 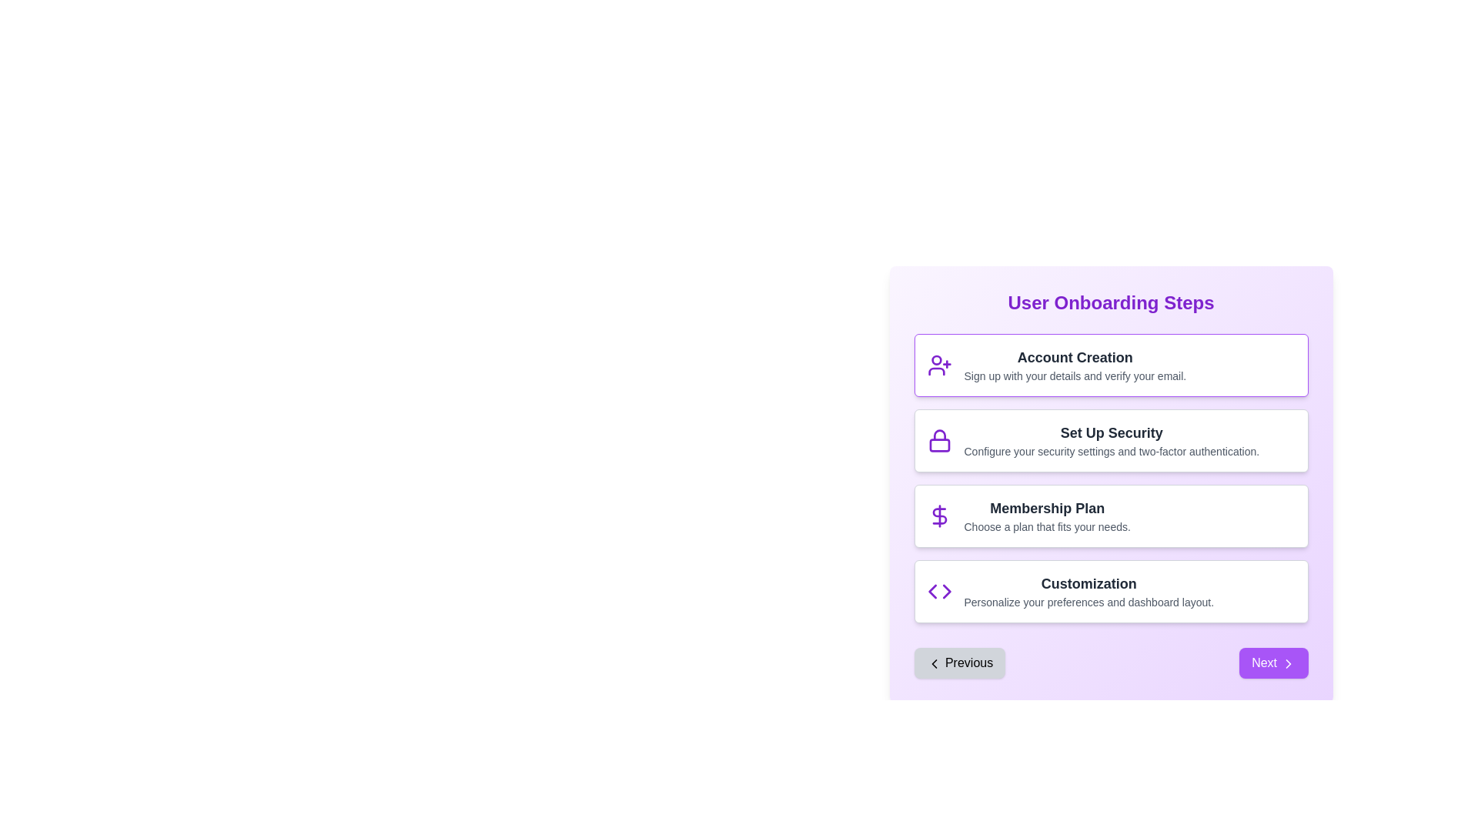 What do you see at coordinates (933, 662) in the screenshot?
I see `the left-pointing chevron icon located inside the 'Previous' button with a light gray background in the bottom-left section of the user onboarding interface` at bounding box center [933, 662].